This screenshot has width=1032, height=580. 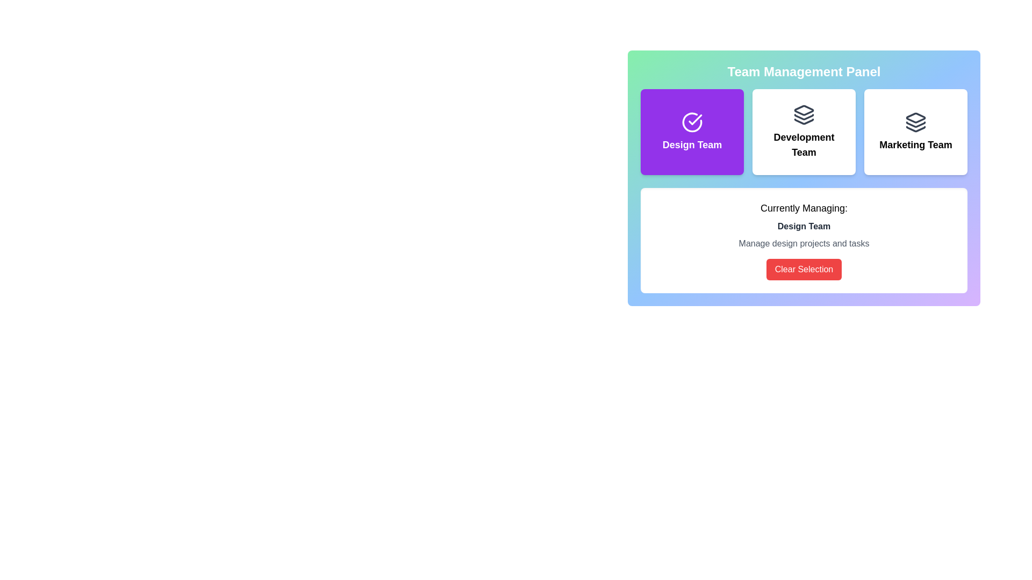 What do you see at coordinates (804, 132) in the screenshot?
I see `the 'Development Team' button, which is the middle card in a group of three cards, used` at bounding box center [804, 132].